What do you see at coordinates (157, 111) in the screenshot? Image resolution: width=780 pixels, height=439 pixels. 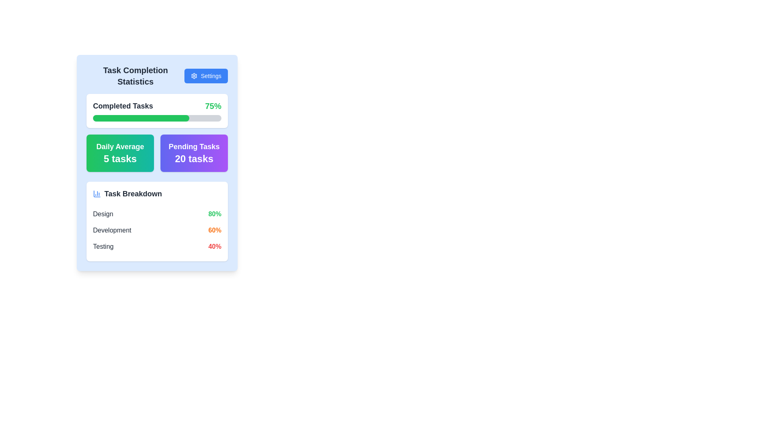 I see `the informational panel component with the title 'Completed Tasks' and the progress bar indicating 75% completion` at bounding box center [157, 111].